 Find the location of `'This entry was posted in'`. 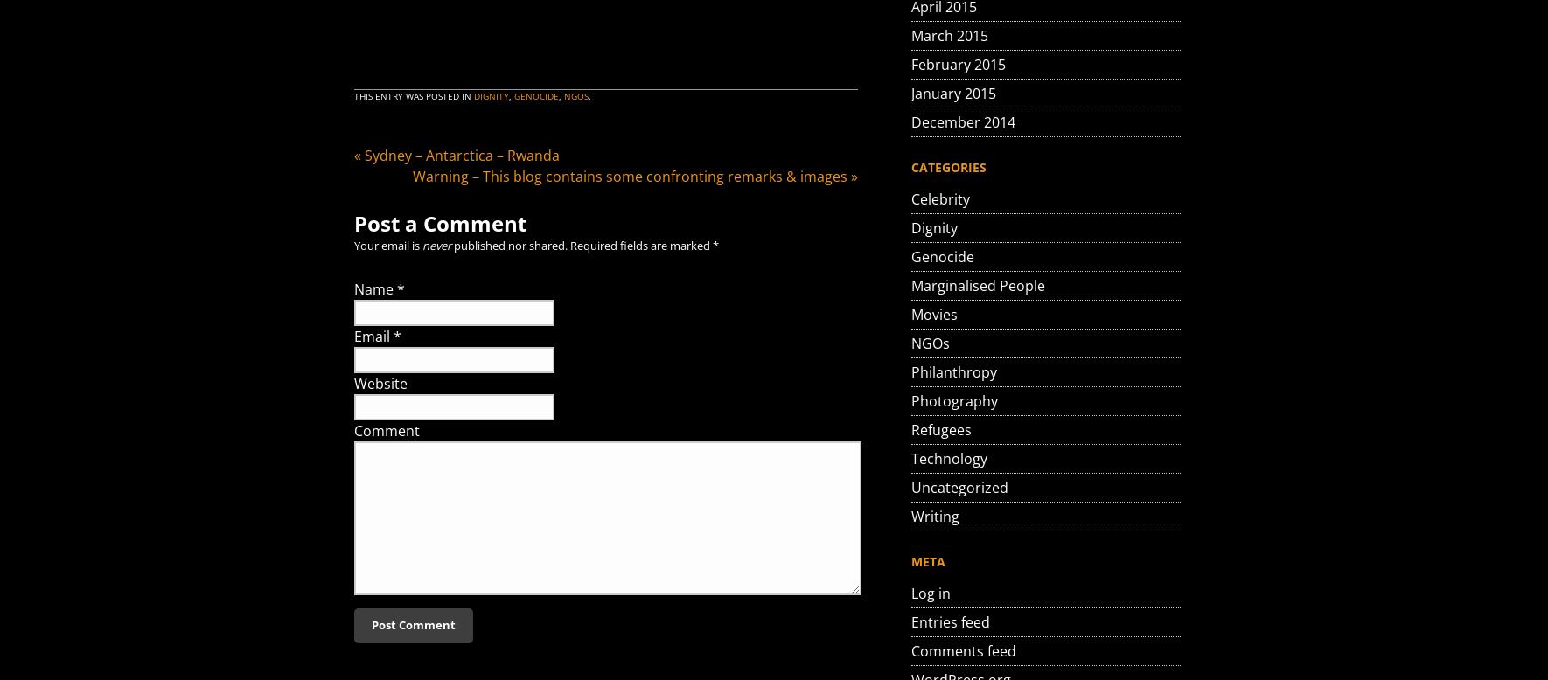

'This entry was posted in' is located at coordinates (414, 95).